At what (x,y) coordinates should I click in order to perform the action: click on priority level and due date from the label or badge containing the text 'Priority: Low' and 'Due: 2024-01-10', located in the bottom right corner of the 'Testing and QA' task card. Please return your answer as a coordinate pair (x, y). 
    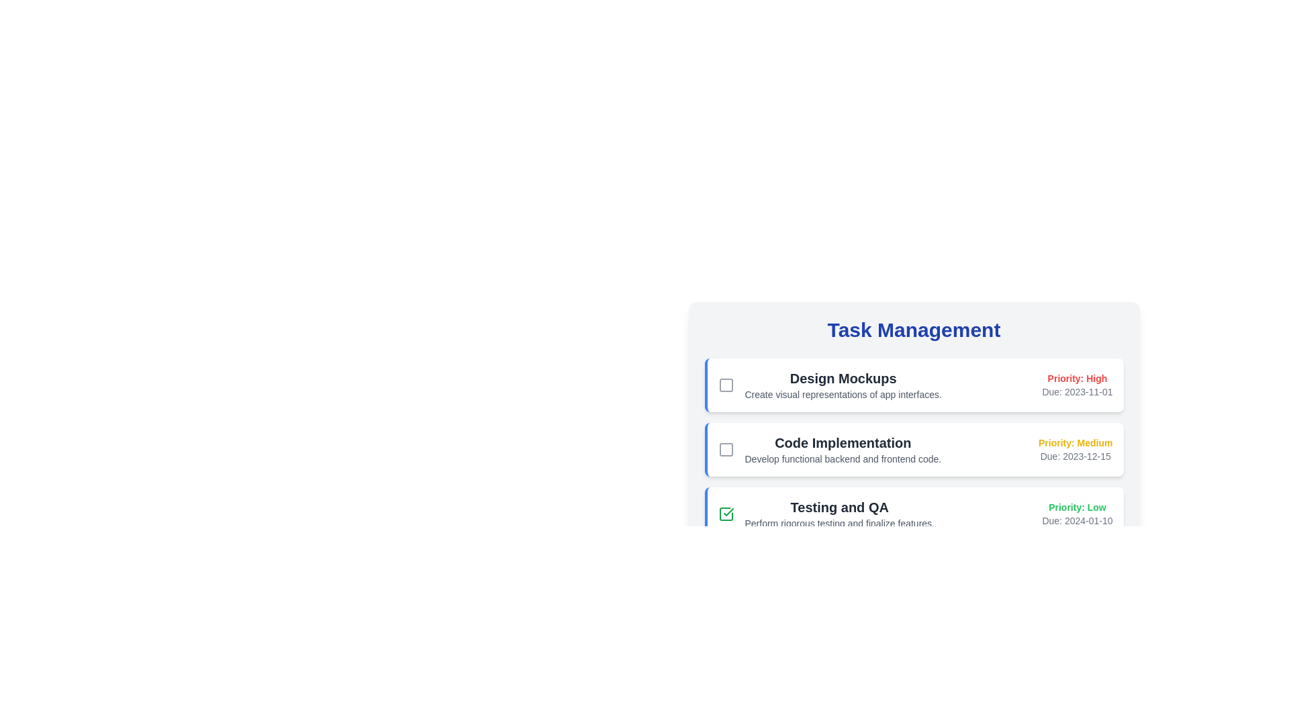
    Looking at the image, I should click on (1077, 514).